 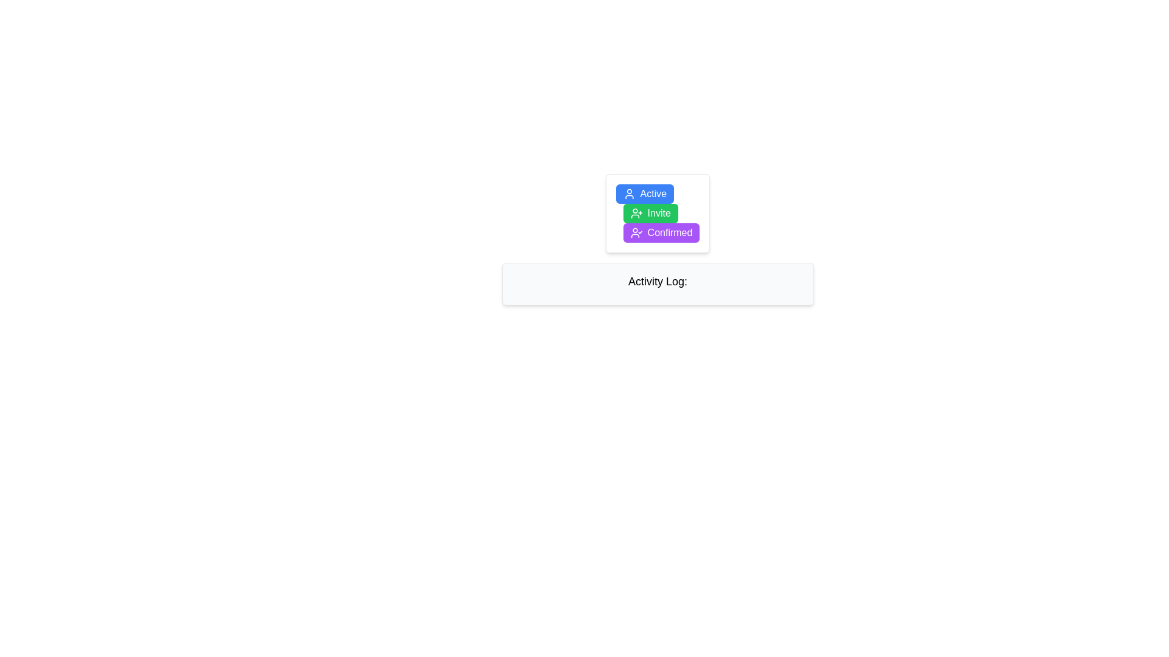 What do you see at coordinates (636, 232) in the screenshot?
I see `the user profile icon with a checkmark, which is the leftmost icon in the 'Confirmed' button on a purple background` at bounding box center [636, 232].